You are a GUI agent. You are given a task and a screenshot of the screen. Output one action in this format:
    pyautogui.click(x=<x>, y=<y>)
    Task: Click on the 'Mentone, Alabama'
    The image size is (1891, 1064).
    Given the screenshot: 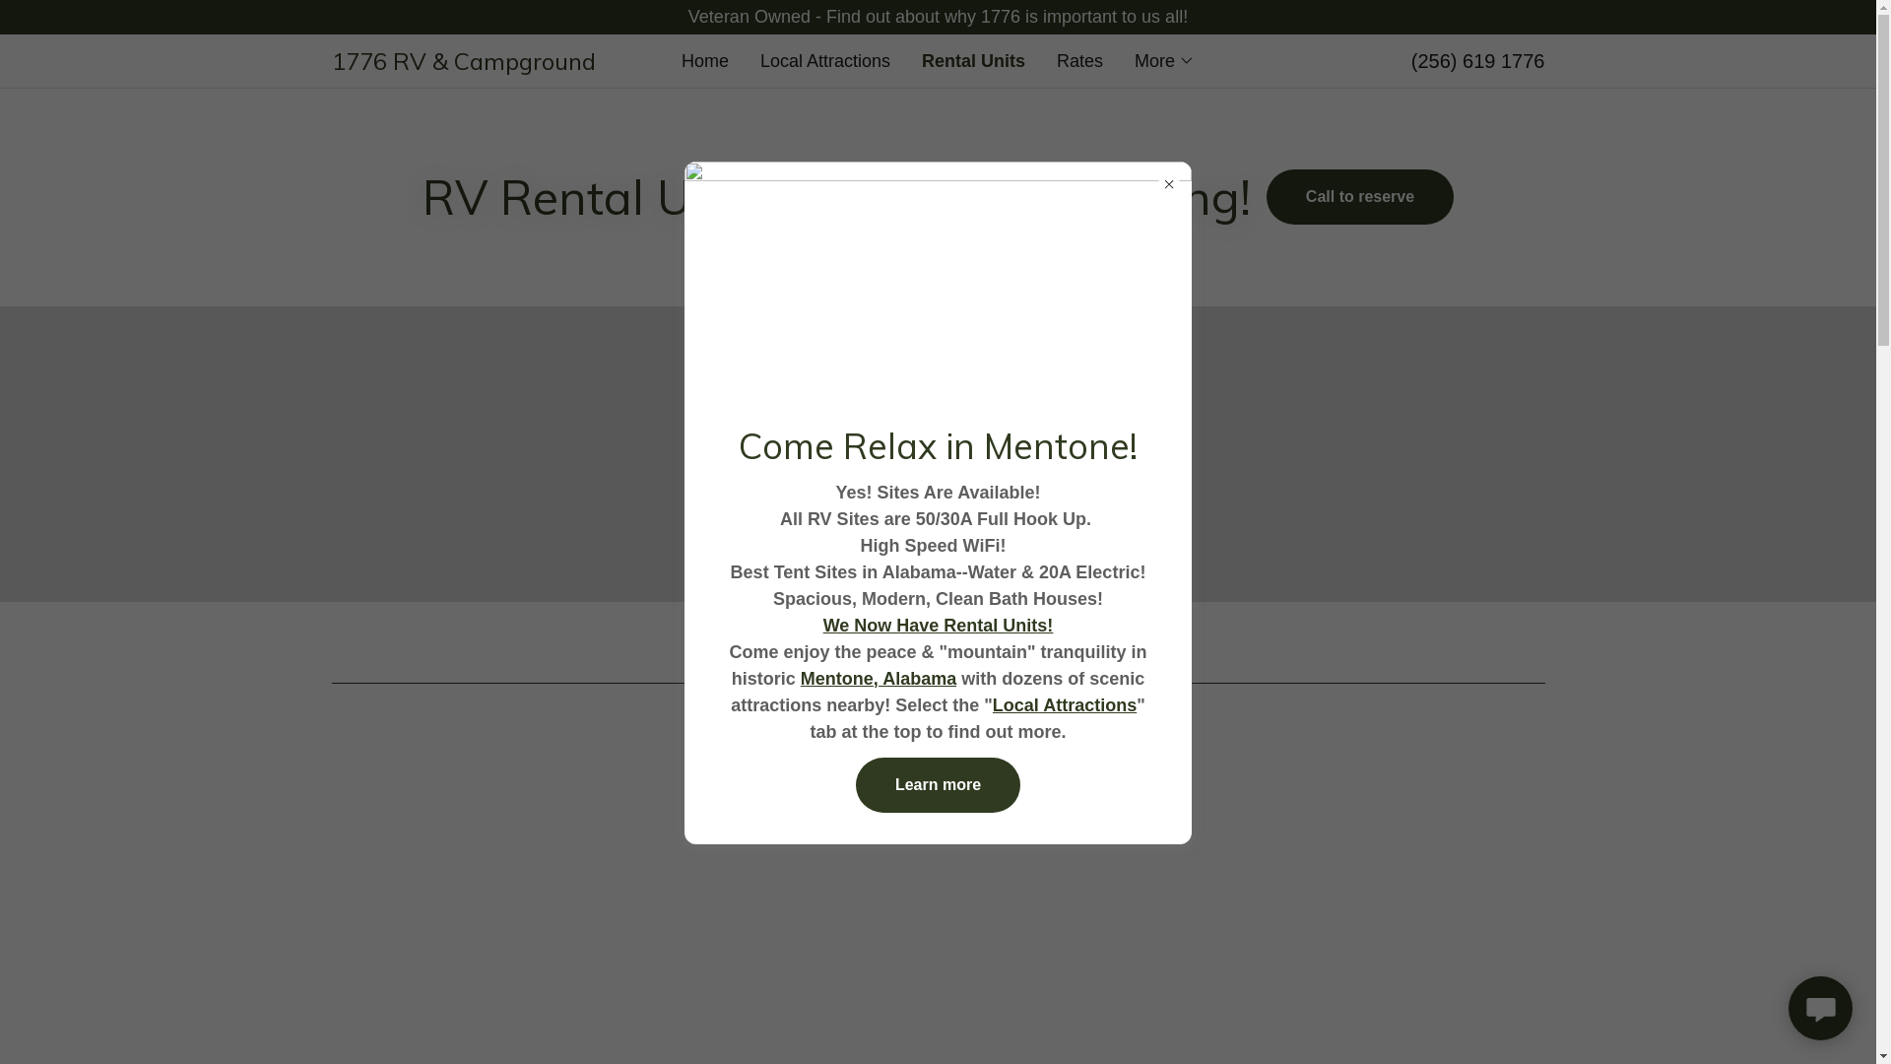 What is the action you would take?
    pyautogui.click(x=878, y=676)
    